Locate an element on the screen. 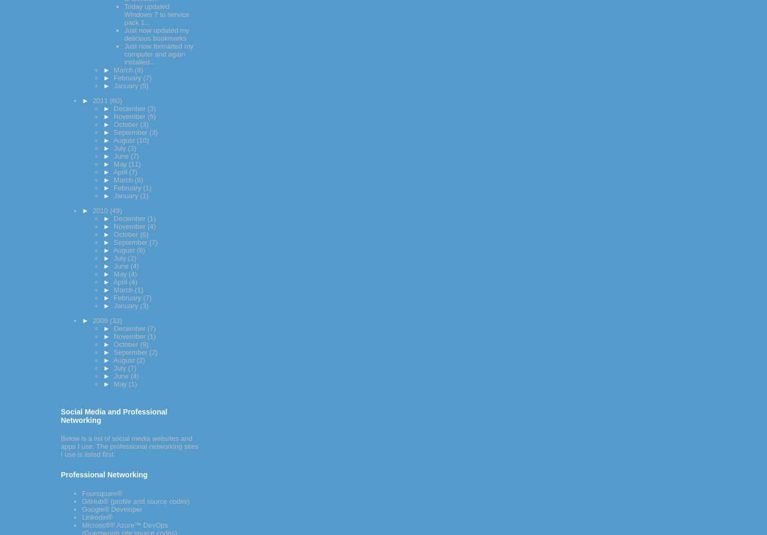 The height and width of the screenshot is (535, 767). 'Google® Developer' is located at coordinates (111, 509).